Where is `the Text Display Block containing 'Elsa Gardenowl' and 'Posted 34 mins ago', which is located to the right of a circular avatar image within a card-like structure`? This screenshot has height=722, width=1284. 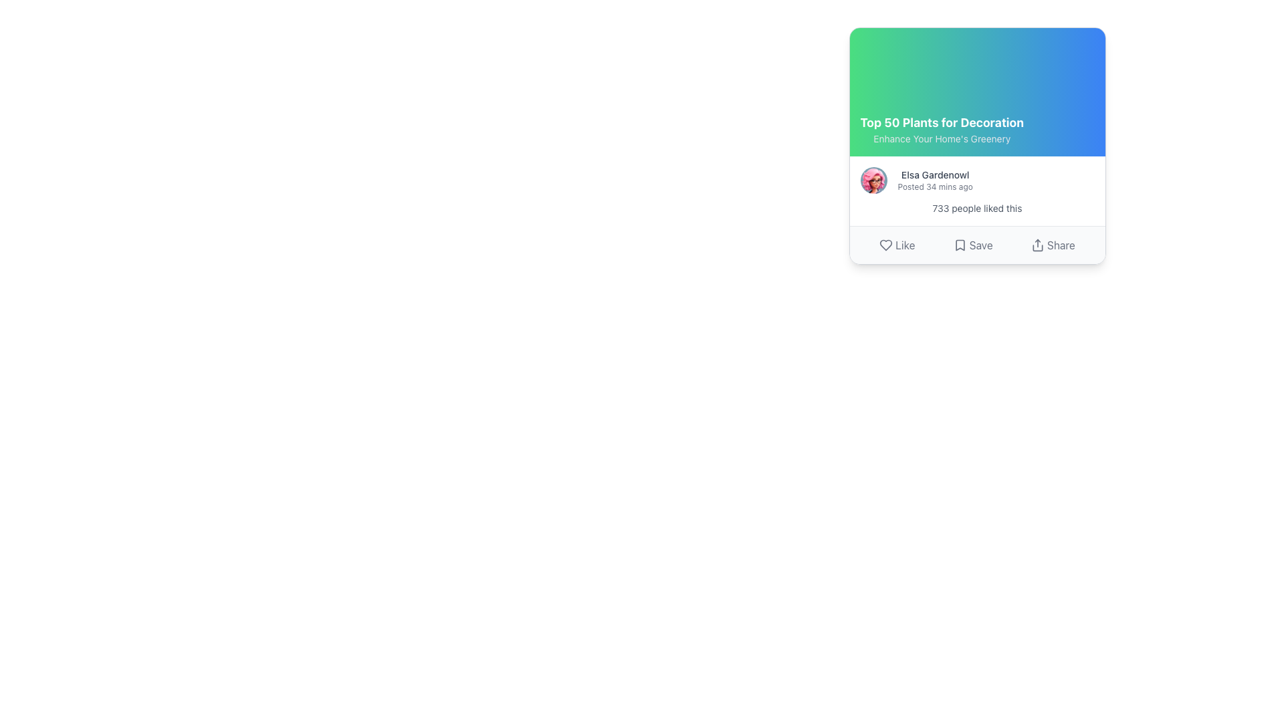 the Text Display Block containing 'Elsa Gardenowl' and 'Posted 34 mins ago', which is located to the right of a circular avatar image within a card-like structure is located at coordinates (934, 180).